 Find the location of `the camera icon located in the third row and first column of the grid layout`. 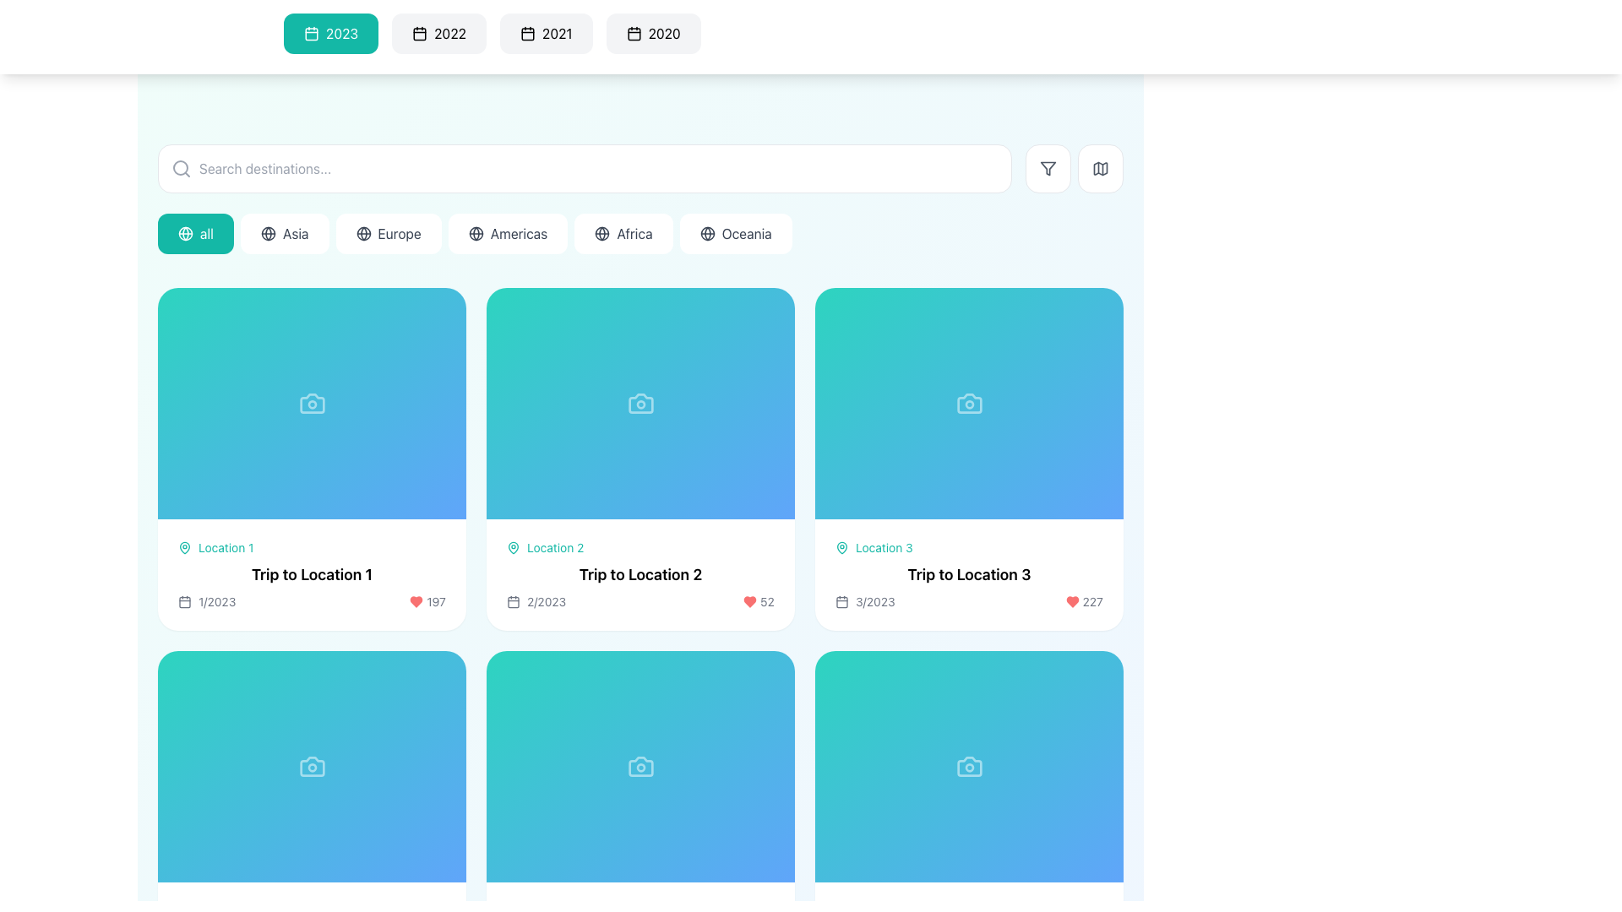

the camera icon located in the third row and first column of the grid layout is located at coordinates (640, 766).